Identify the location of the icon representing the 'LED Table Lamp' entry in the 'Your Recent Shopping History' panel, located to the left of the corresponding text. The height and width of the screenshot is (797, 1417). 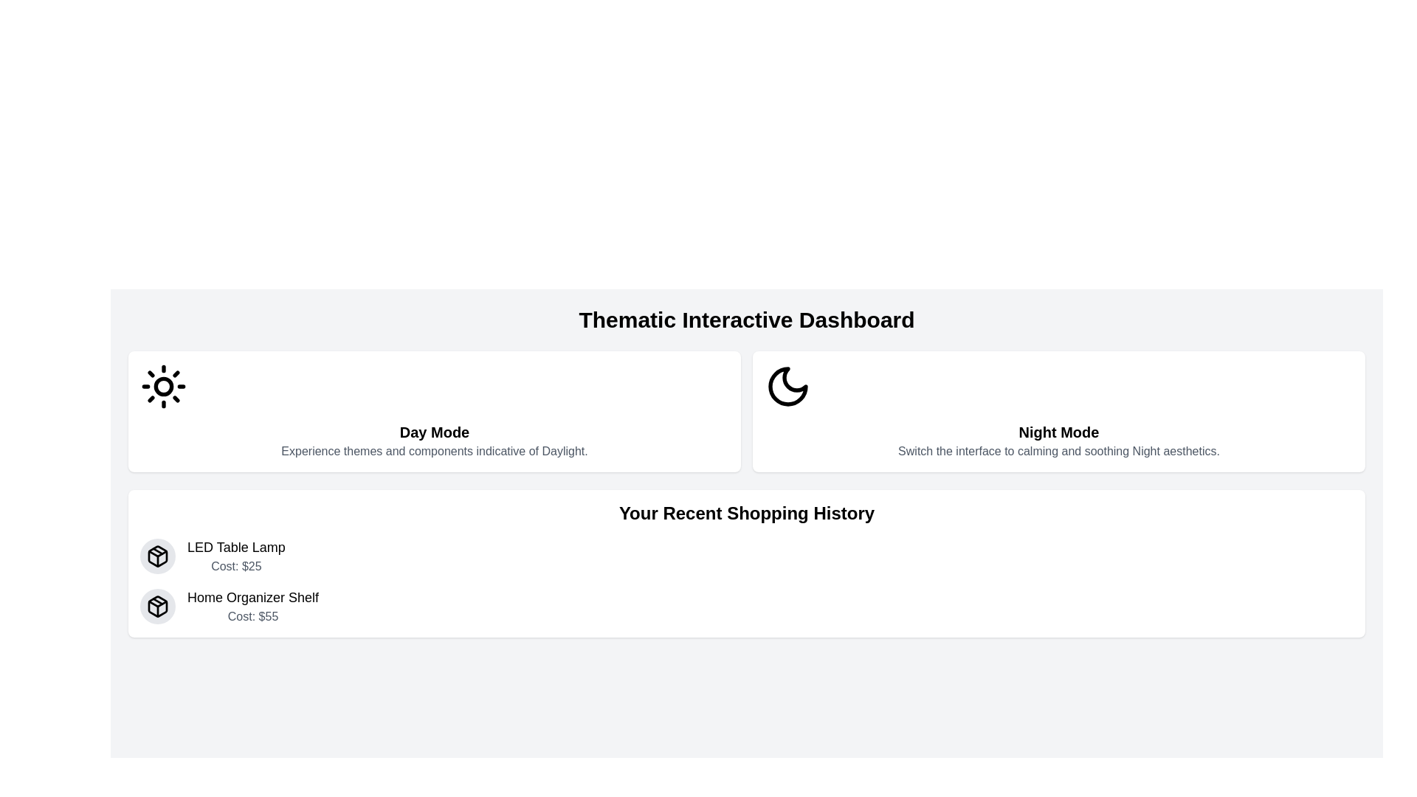
(158, 556).